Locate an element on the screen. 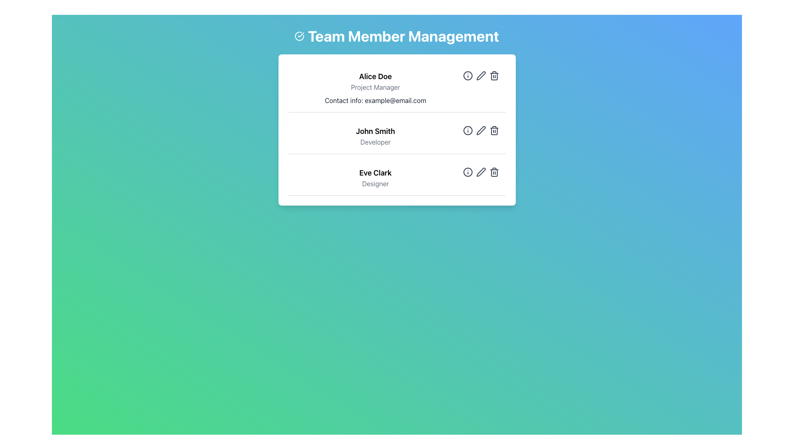 The image size is (791, 445). the remove button for the team member 'Eve Clark', which is the rightmost icon in a group of three interactive icons is located at coordinates (494, 171).